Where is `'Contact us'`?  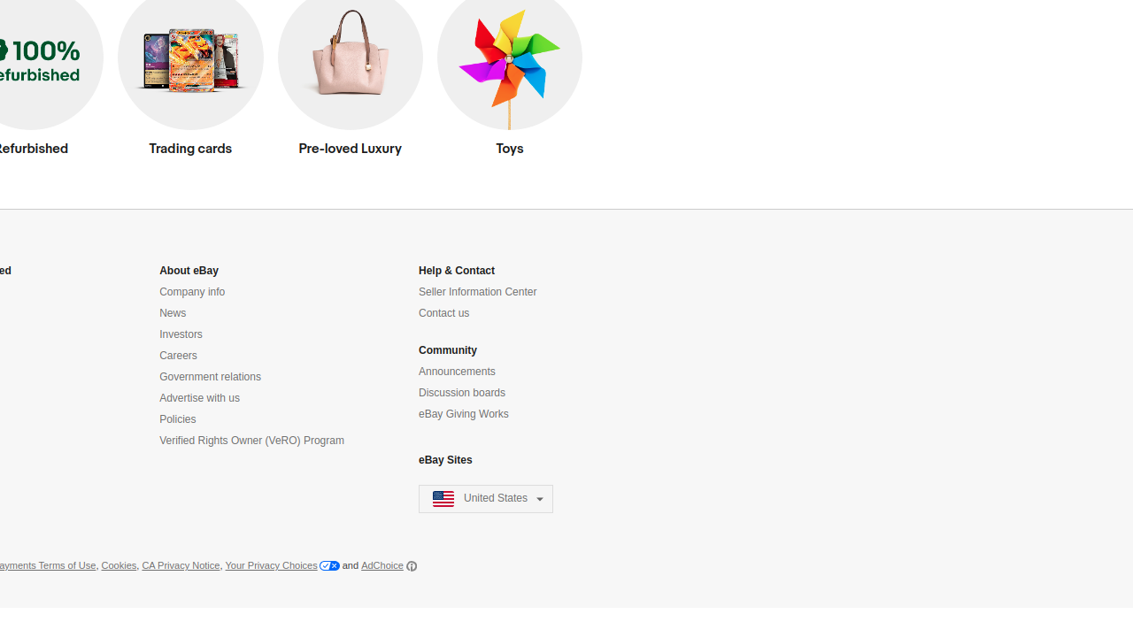 'Contact us' is located at coordinates (444, 312).